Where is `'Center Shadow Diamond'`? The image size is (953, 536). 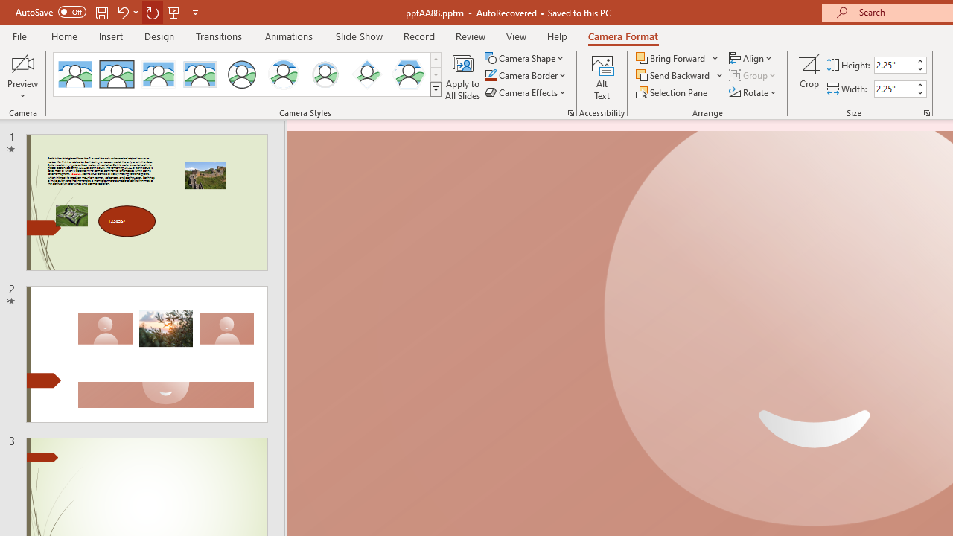
'Center Shadow Diamond' is located at coordinates (366, 74).